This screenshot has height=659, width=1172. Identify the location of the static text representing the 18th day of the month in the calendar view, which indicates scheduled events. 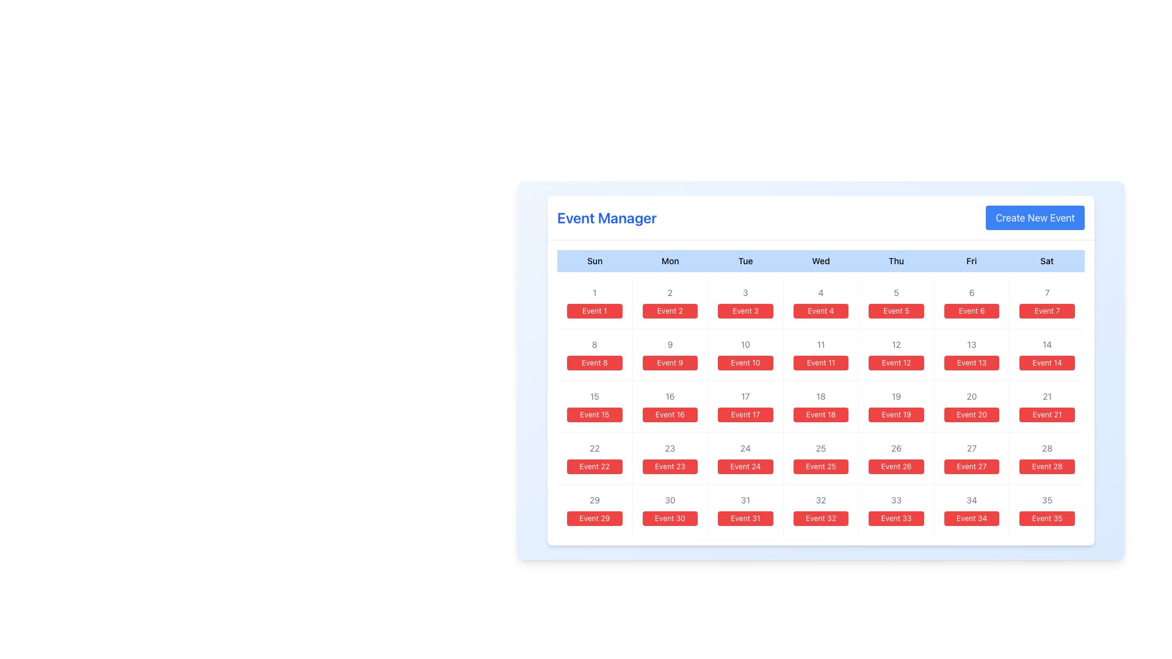
(820, 397).